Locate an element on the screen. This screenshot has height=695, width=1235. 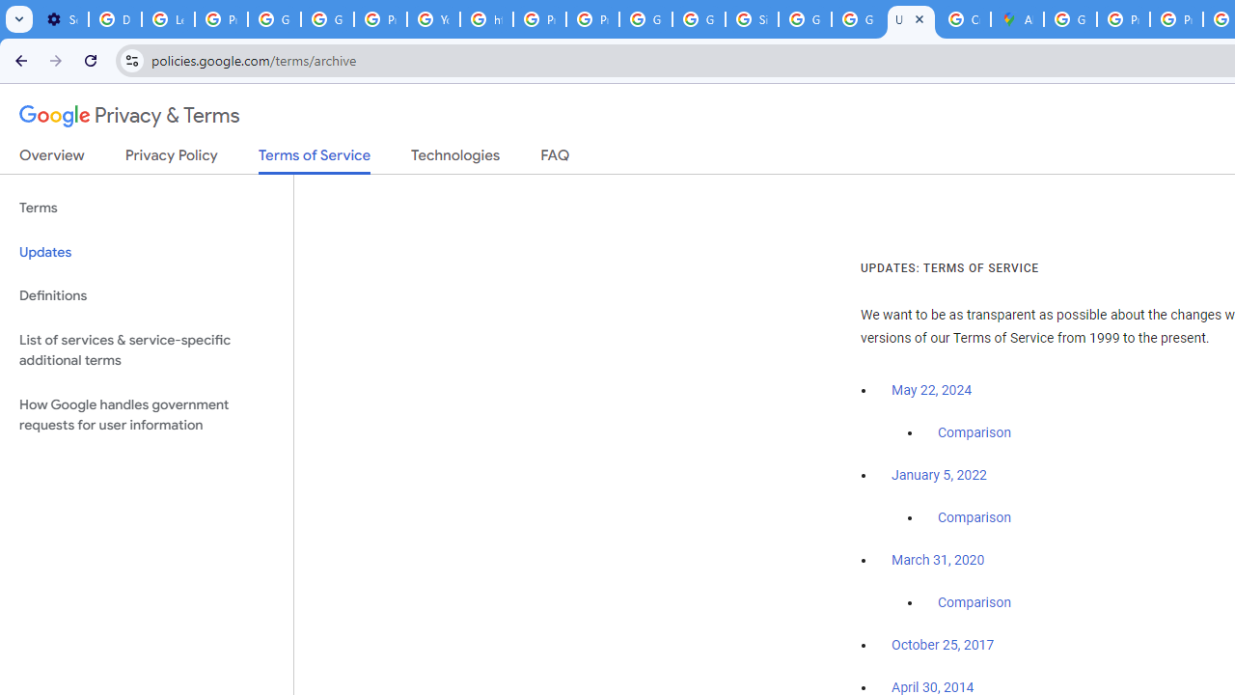
'Privacy Help Center - Policies Help' is located at coordinates (1123, 19).